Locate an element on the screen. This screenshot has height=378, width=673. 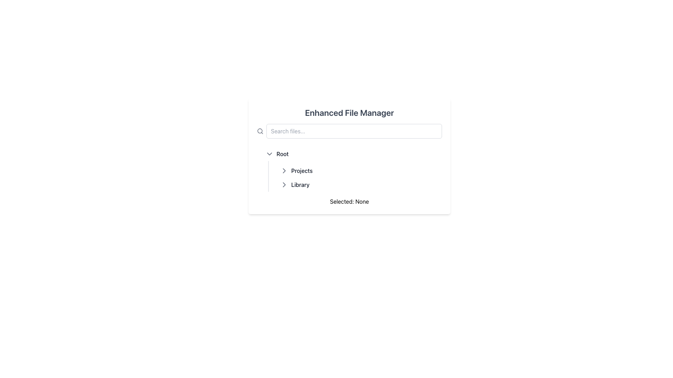
the right-pointing chevron icon located to the left of the 'Projects' text is located at coordinates (284, 171).